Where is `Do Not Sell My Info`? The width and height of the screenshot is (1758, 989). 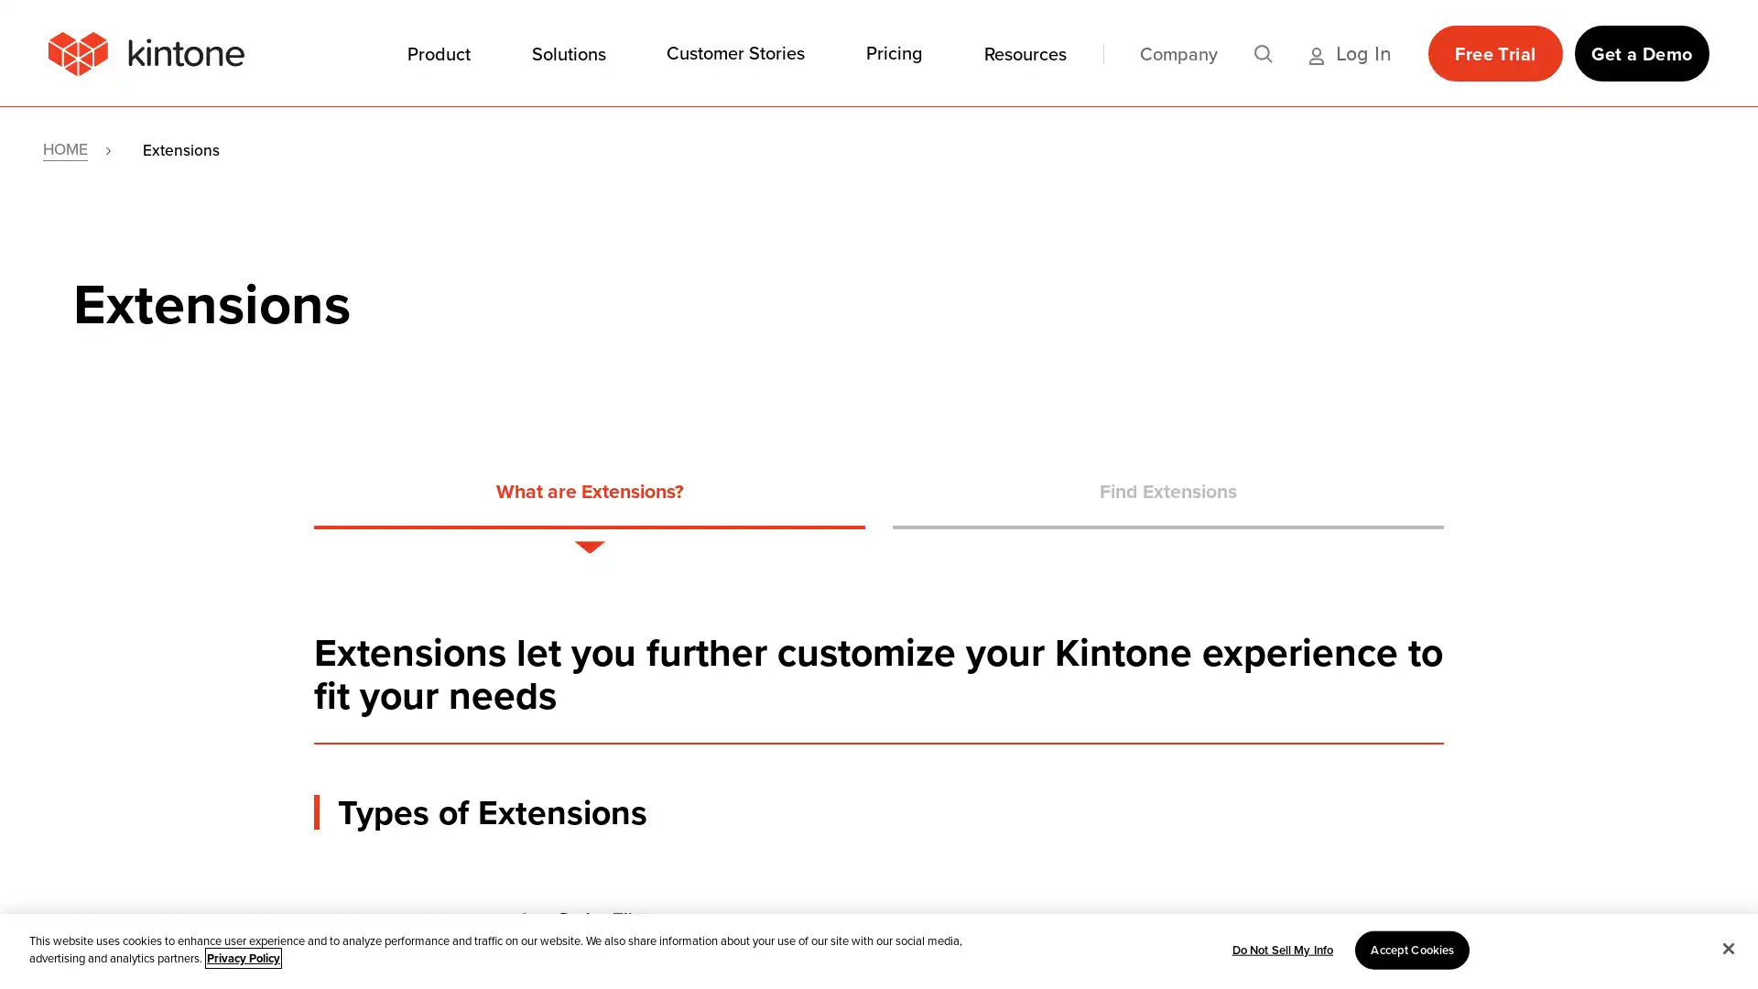
Do Not Sell My Info is located at coordinates (1281, 949).